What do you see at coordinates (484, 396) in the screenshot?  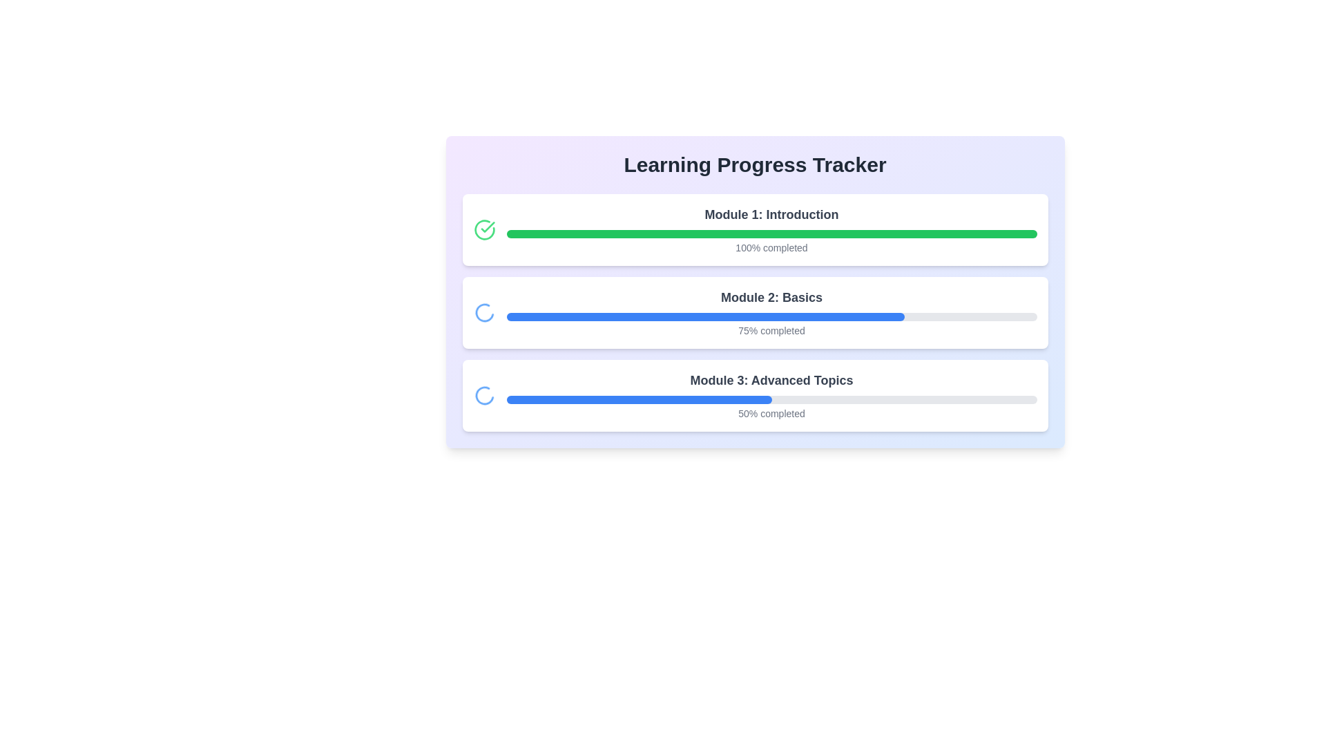 I see `the loader icon or progress spinner indicating that progress for 'Module 3: Advanced Topics' is in progress` at bounding box center [484, 396].